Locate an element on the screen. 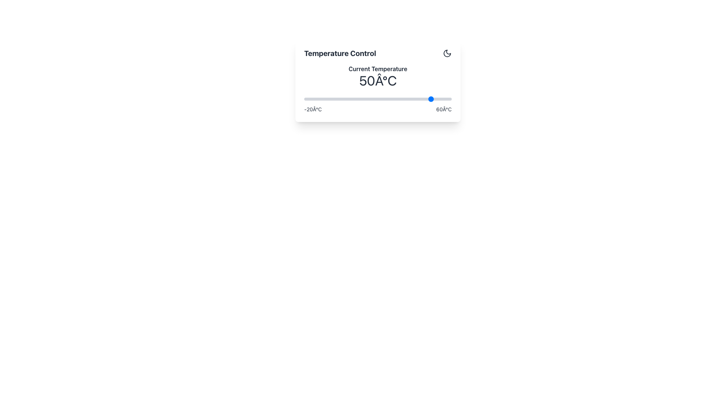 Image resolution: width=708 pixels, height=398 pixels. the moon-shaped dark blue icon located in the top-right corner of the 'Temperature Control' card is located at coordinates (447, 53).